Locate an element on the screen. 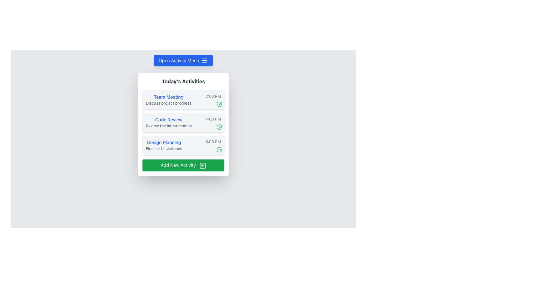  the green rounded rectangle icon within the 'Add New Activity' button at the bottom of the interface is located at coordinates (202, 165).